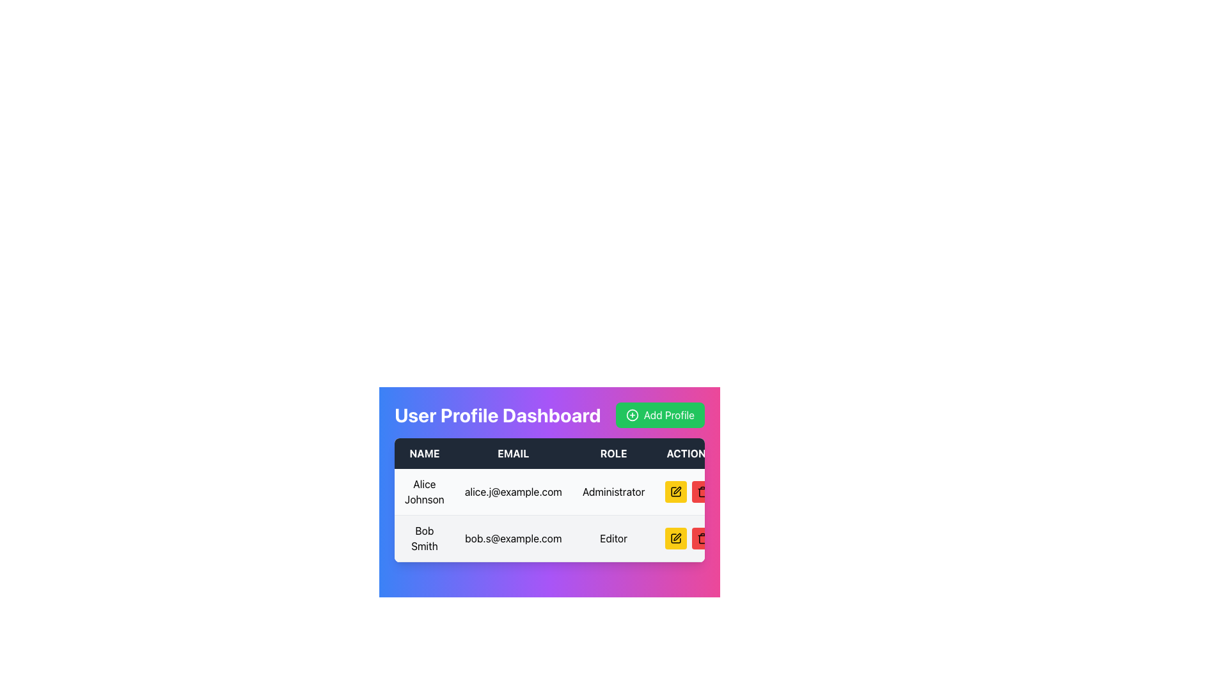 The height and width of the screenshot is (690, 1228). What do you see at coordinates (689, 491) in the screenshot?
I see `the delete button in the 'ACTION' column of the table associated with the 'Administrator' role and 'Alice Johnson' name` at bounding box center [689, 491].